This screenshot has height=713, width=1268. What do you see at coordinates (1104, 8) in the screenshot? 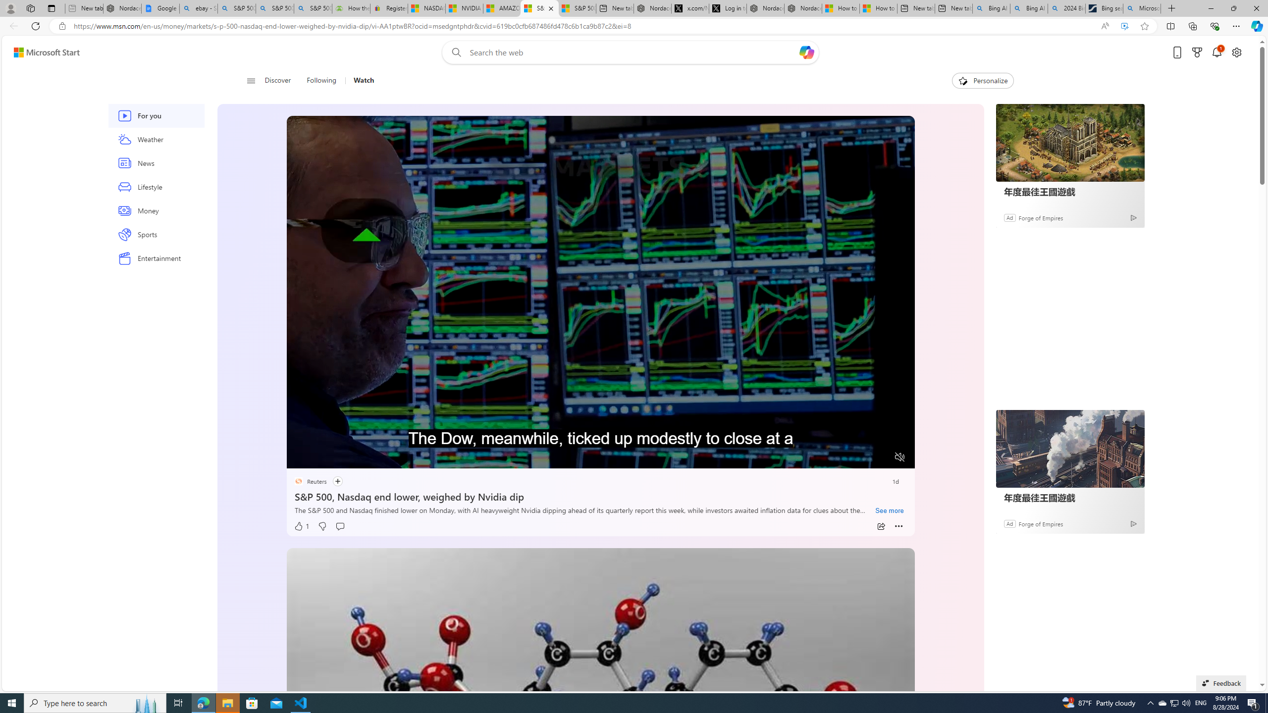
I see `'Bing search market share worldwide 2024 | Statista'` at bounding box center [1104, 8].